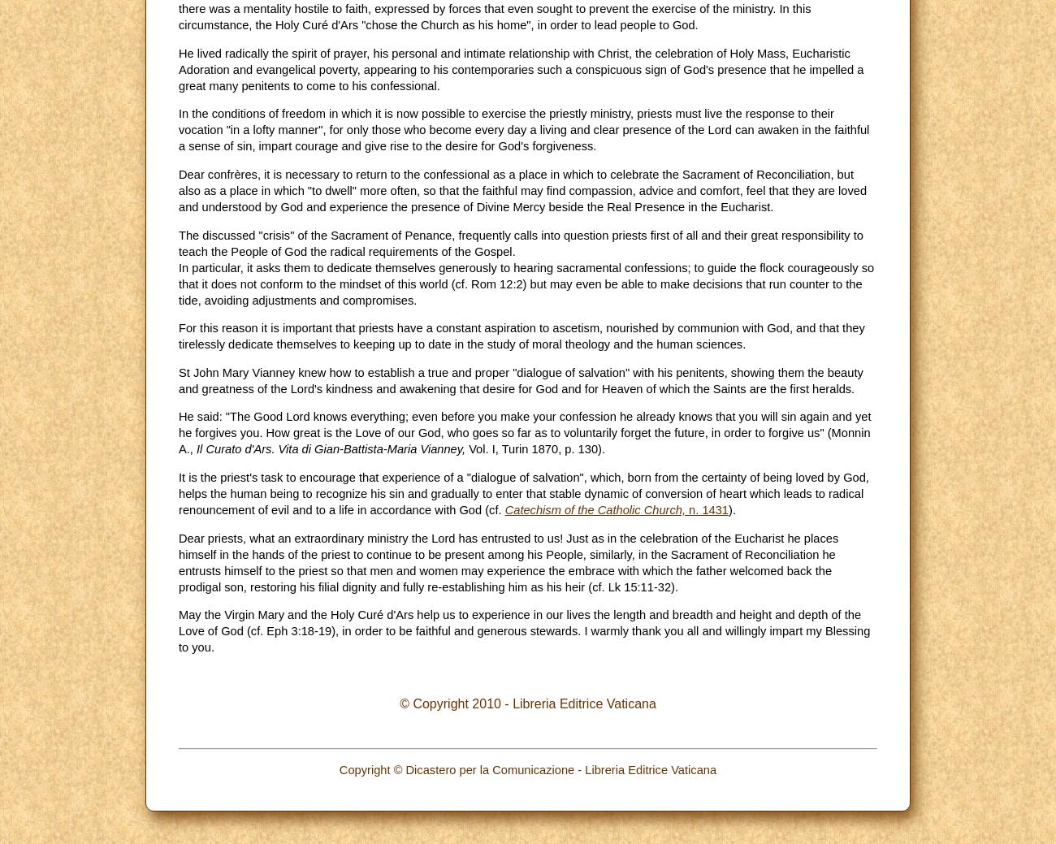  I want to click on 'He lived radically the spirit of prayer, his personal and intimate relationship with Christ, the celebration of Holy Mass, Eucharistic Adoration and evangelical poverty, appearing to his contemporaries such a conspicuous sign of God's presence that he impelled a great many penitents to come to his confessional.', so click(521, 67).